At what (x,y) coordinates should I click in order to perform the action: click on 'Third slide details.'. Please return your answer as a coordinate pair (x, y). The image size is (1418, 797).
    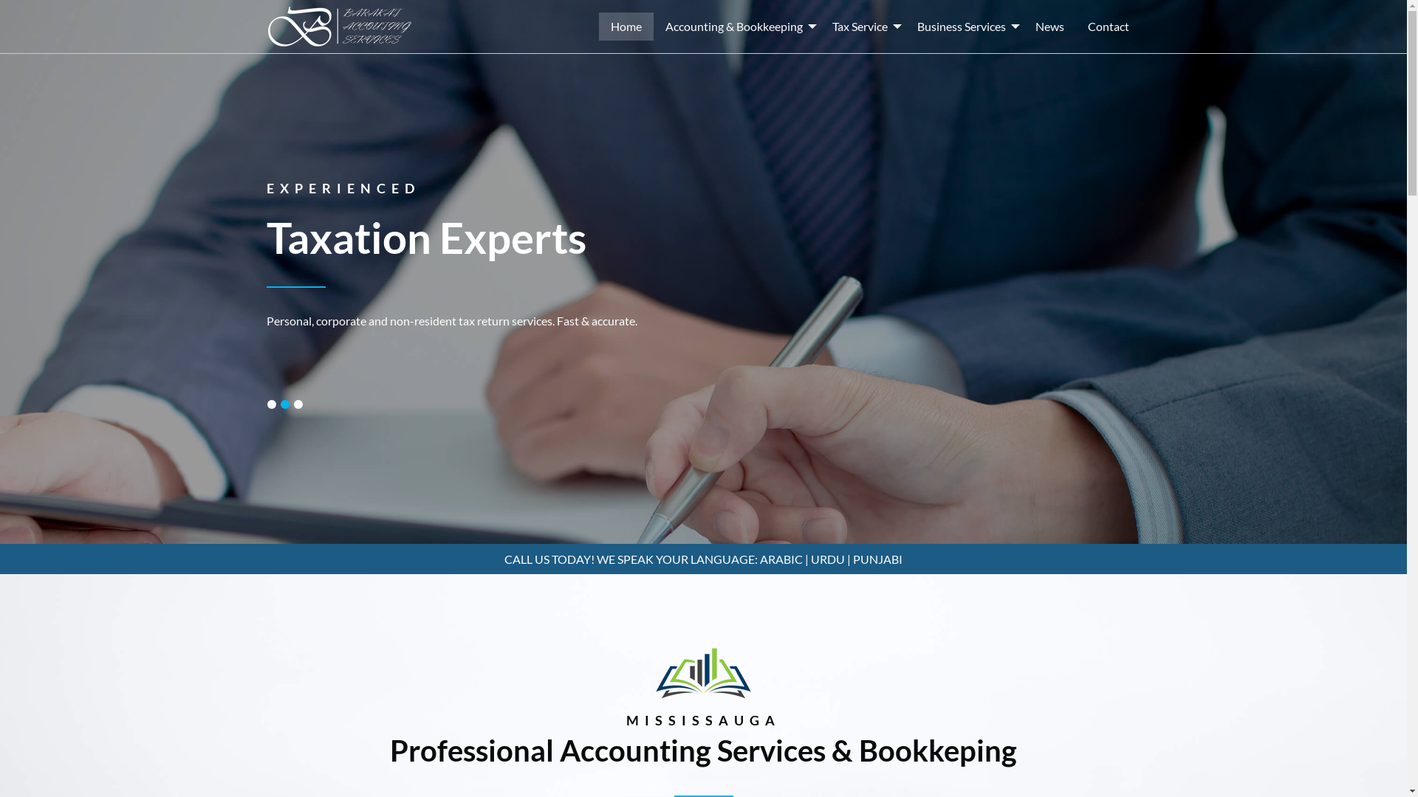
    Looking at the image, I should click on (297, 404).